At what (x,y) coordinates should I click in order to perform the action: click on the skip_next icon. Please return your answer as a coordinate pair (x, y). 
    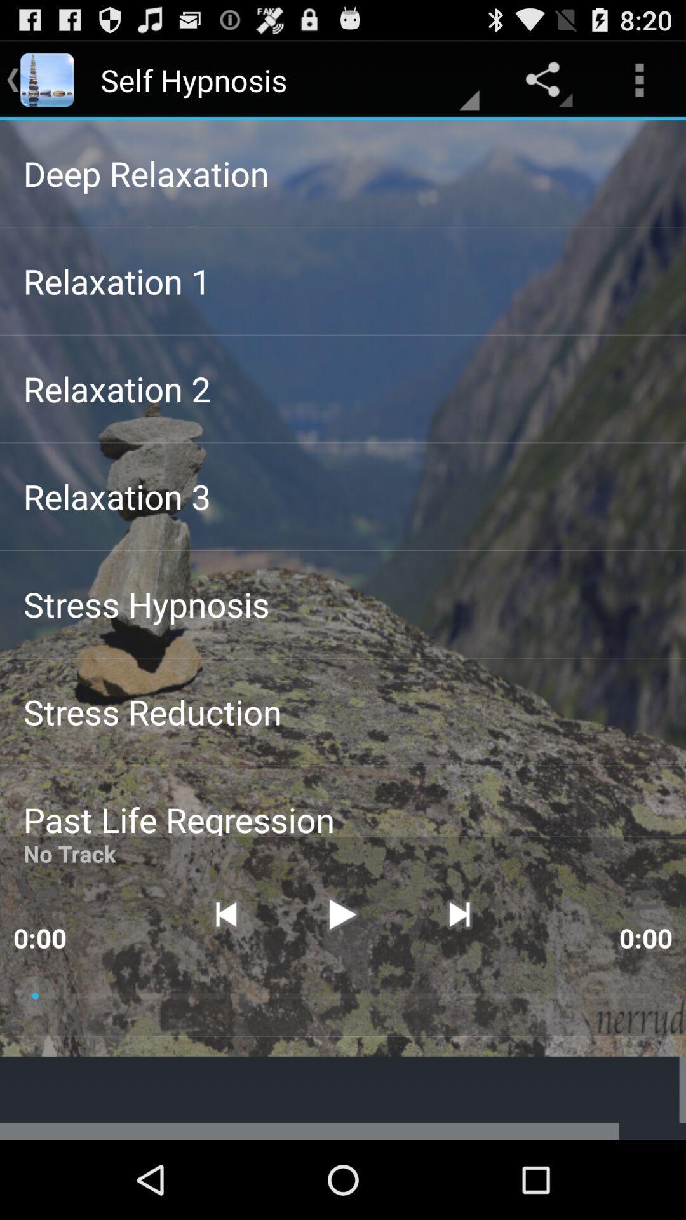
    Looking at the image, I should click on (459, 977).